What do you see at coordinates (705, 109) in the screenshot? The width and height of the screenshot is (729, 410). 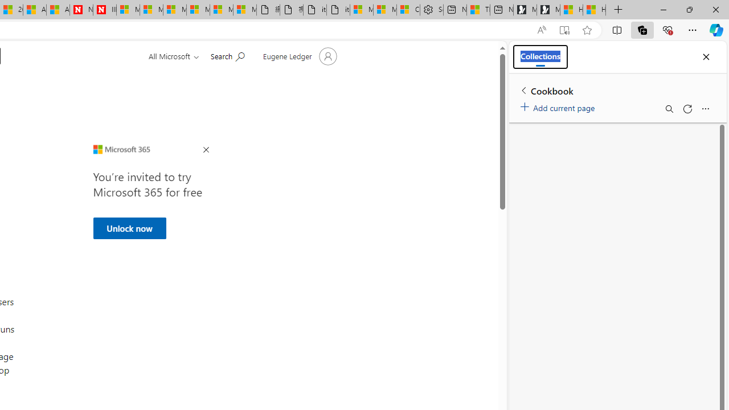 I see `'More options menu'` at bounding box center [705, 109].